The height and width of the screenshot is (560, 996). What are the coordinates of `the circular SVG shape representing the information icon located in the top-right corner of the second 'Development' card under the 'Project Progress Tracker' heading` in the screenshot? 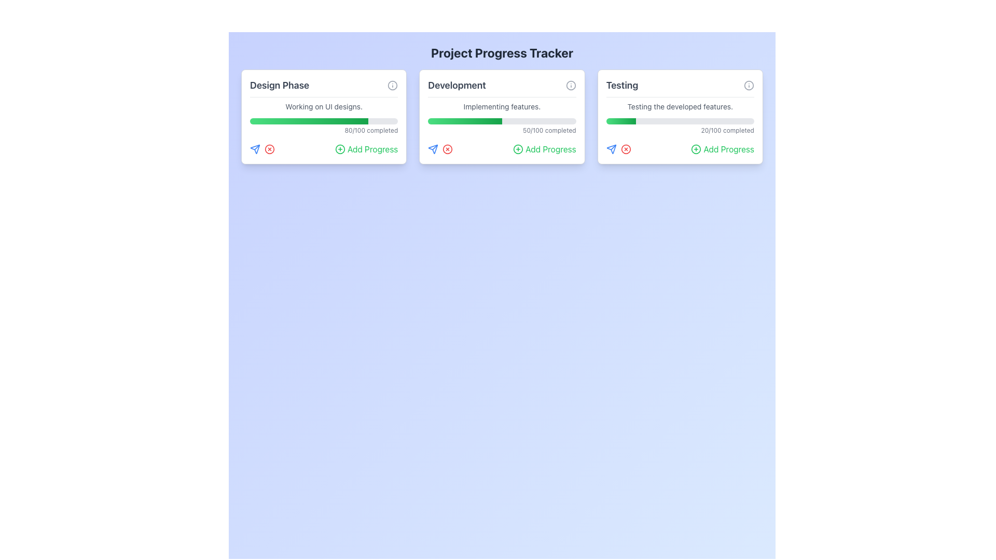 It's located at (570, 85).